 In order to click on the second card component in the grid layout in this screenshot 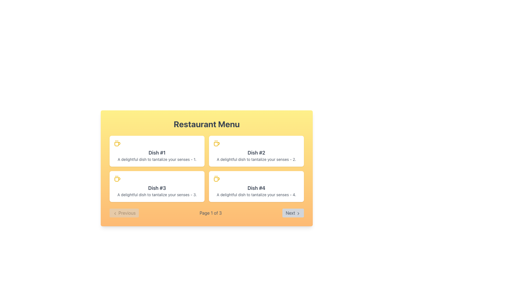, I will do `click(256, 151)`.